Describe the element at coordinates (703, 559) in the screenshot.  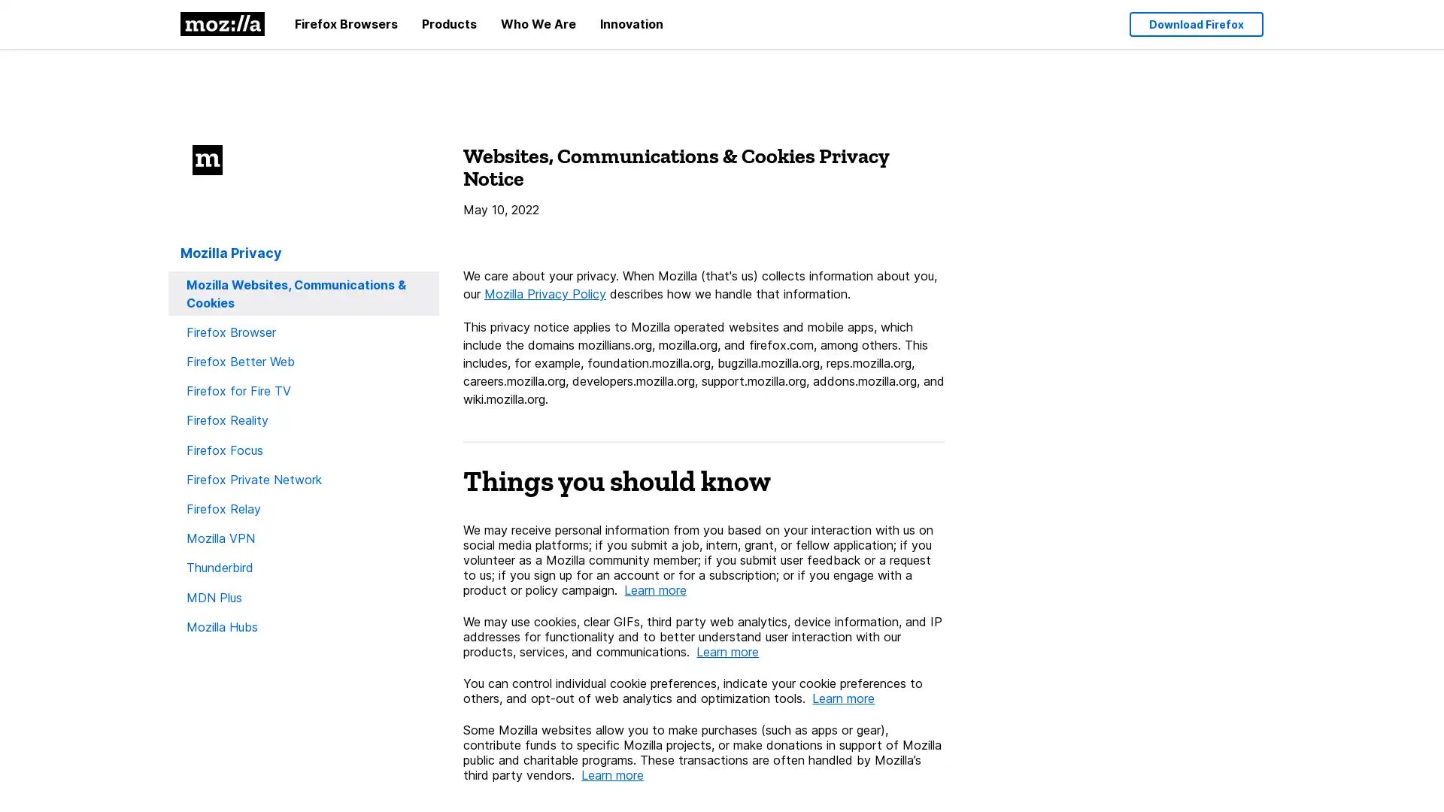
I see `We may receive personal information from you based on your interaction with us on social media platforms; if you submit a job, intern, grant, or fellow application; if you volunteer as a Mozilla community member; if you submit user feedback or a request to us; if you sign up for an account or for a subscription; or if you engage with a product or policy campaign. Learn more` at that location.